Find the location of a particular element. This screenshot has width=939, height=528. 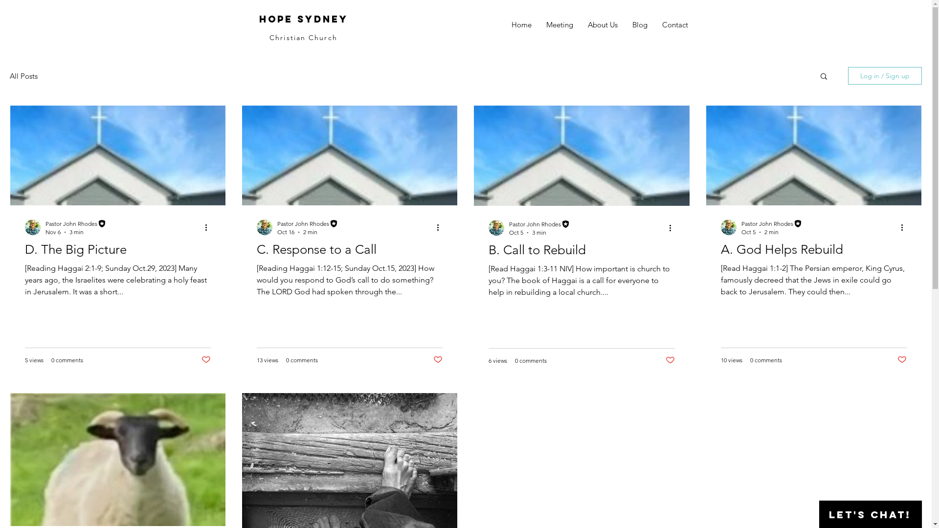

'Post not marked as liked' is located at coordinates (901, 360).